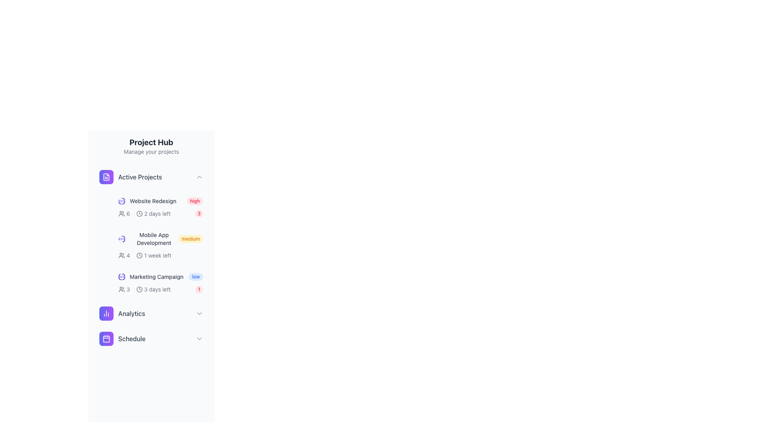 The width and height of the screenshot is (757, 426). What do you see at coordinates (106, 313) in the screenshot?
I see `the rounded square button with a gradient background transitioning from indigo to purple, which features a white bar chart icon, located to the left of the 'Analytics' text label in the 'Project Hub' sidebar menu` at bounding box center [106, 313].